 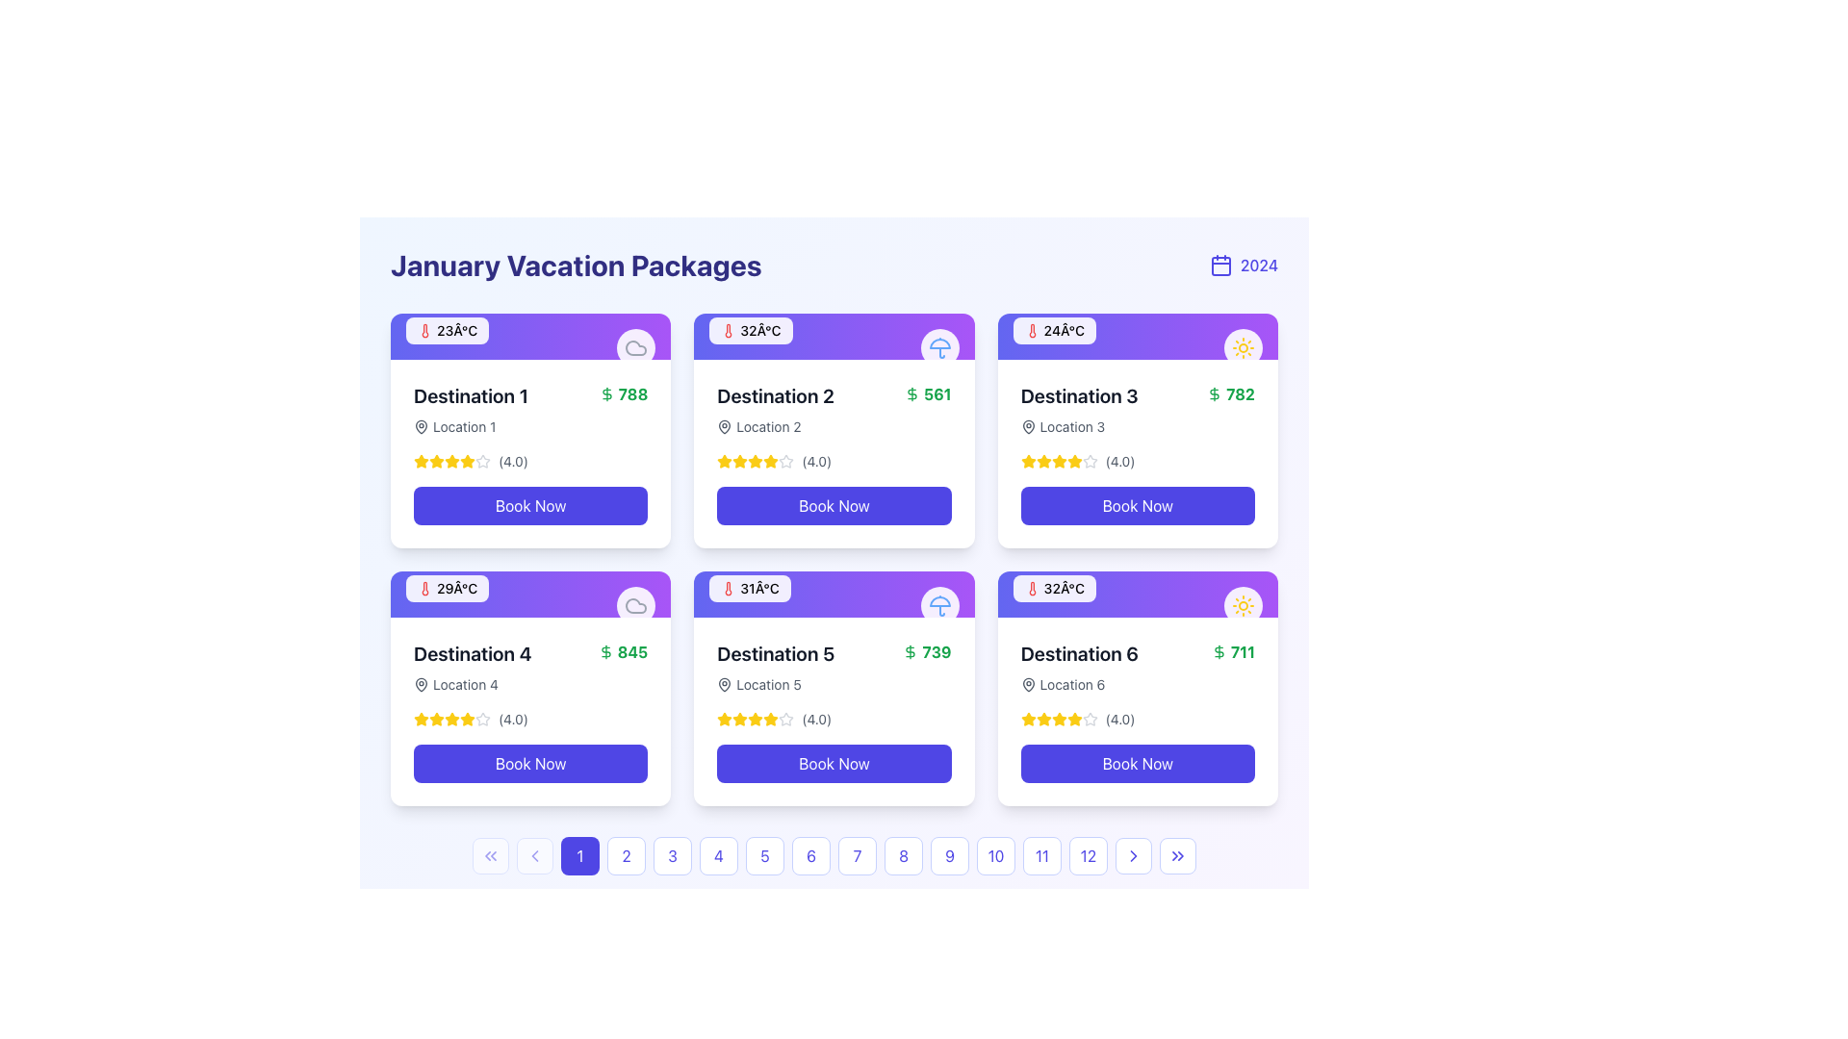 What do you see at coordinates (1138, 453) in the screenshot?
I see `summarized vacation information displayed on the Card in the third position of the first row, which includes details such as title, location, rating, and price` at bounding box center [1138, 453].